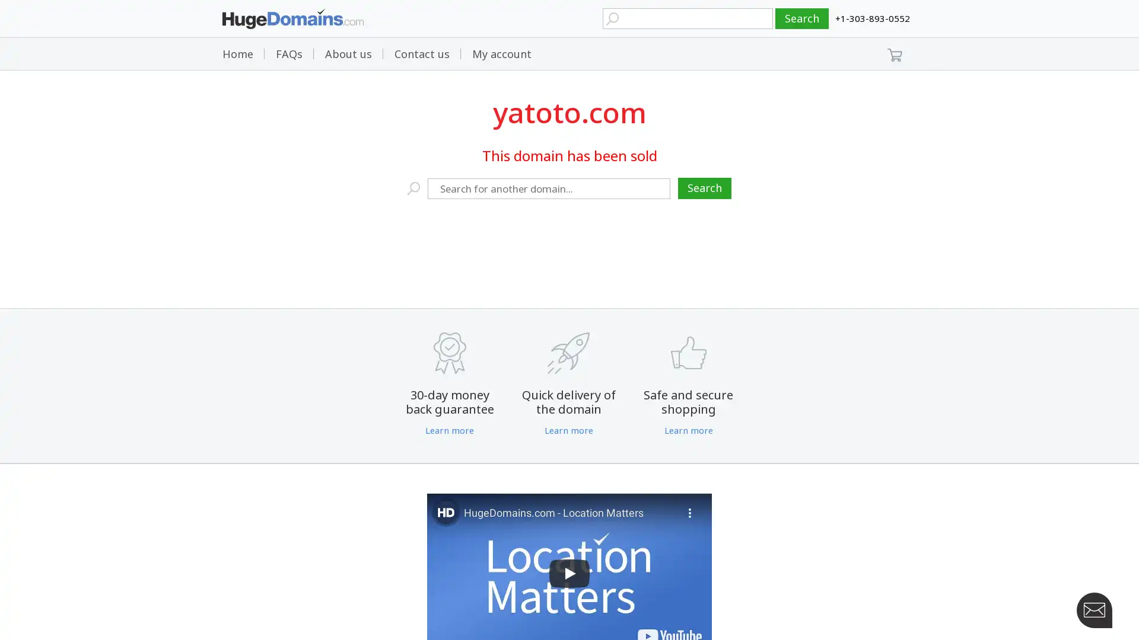 The width and height of the screenshot is (1139, 640). I want to click on Search, so click(802, 18).